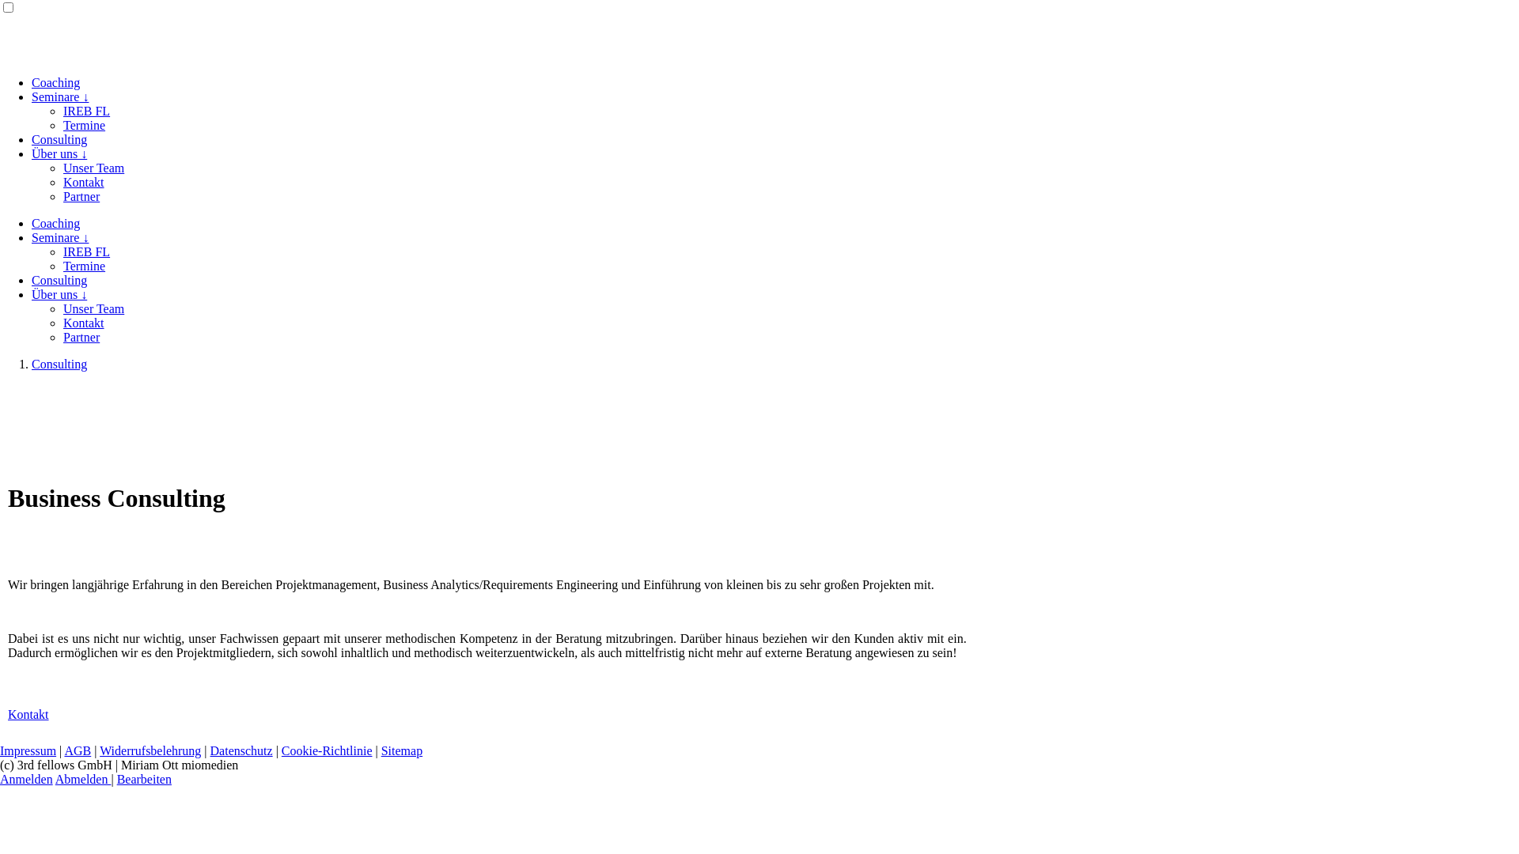  I want to click on 'Consulting', so click(59, 138).